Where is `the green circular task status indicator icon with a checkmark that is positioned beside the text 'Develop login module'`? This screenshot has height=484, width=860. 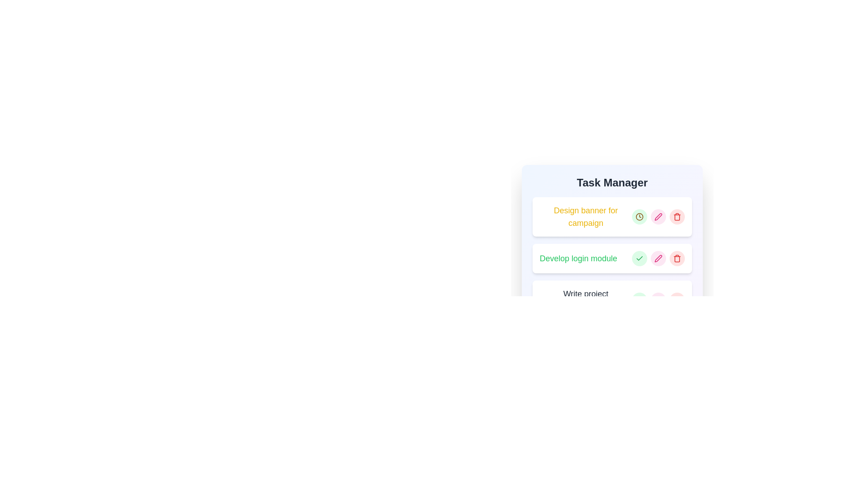
the green circular task status indicator icon with a checkmark that is positioned beside the text 'Develop login module' is located at coordinates (639, 259).